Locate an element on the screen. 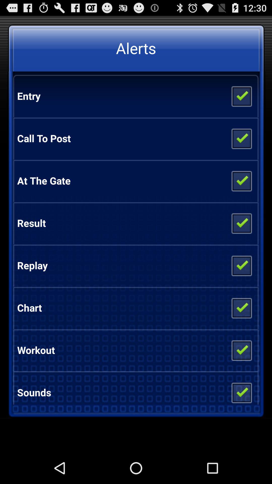 The height and width of the screenshot is (484, 272). its a box with a green tick is located at coordinates (241, 307).